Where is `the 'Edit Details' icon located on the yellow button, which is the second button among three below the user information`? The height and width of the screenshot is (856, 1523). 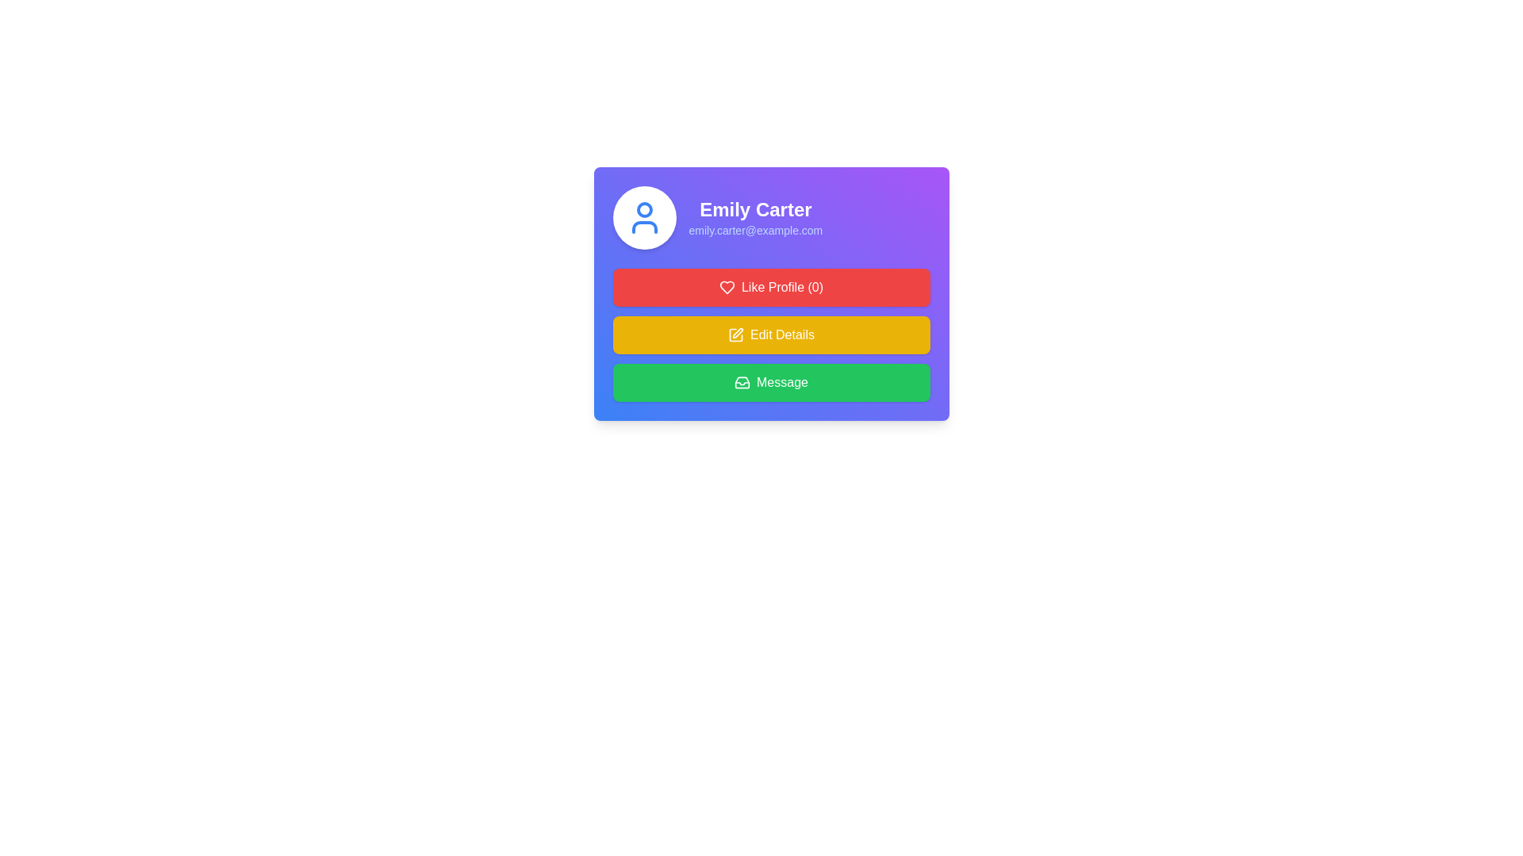 the 'Edit Details' icon located on the yellow button, which is the second button among three below the user information is located at coordinates (735, 334).